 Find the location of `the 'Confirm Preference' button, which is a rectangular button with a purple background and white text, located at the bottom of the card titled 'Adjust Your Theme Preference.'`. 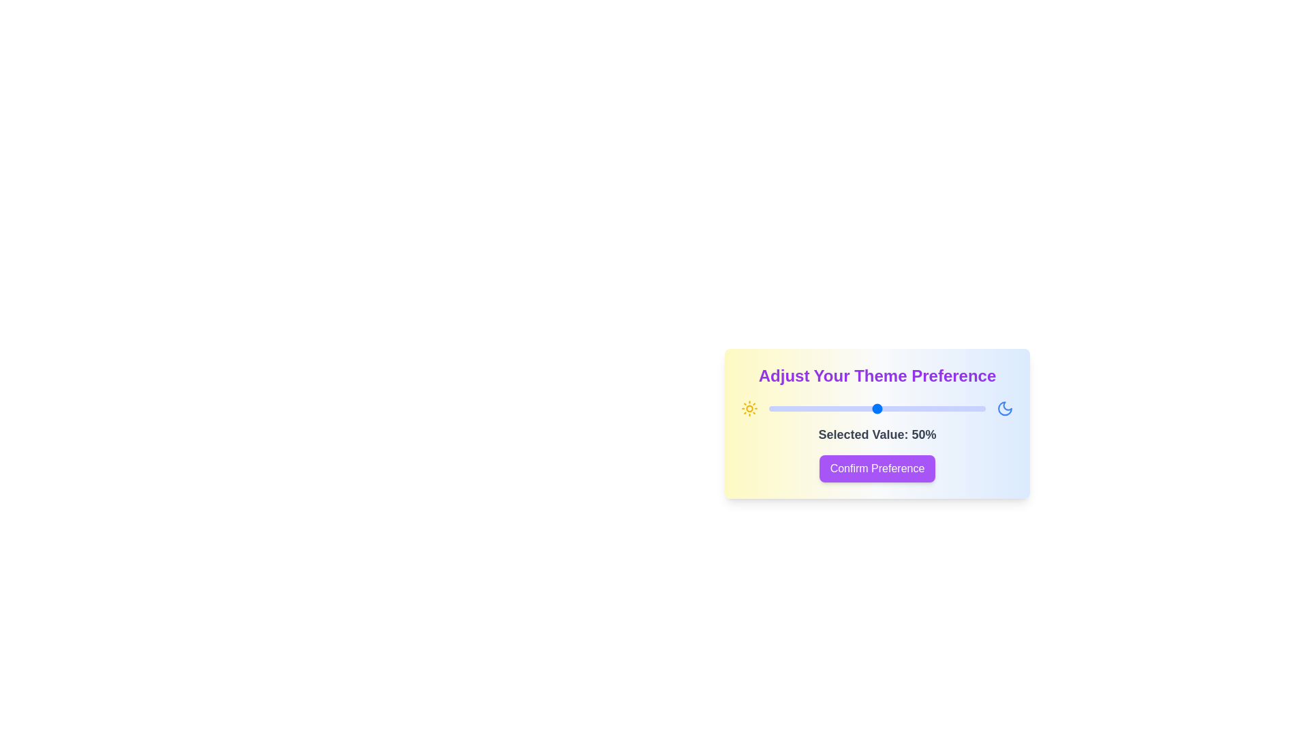

the 'Confirm Preference' button, which is a rectangular button with a purple background and white text, located at the bottom of the card titled 'Adjust Your Theme Preference.' is located at coordinates (877, 467).